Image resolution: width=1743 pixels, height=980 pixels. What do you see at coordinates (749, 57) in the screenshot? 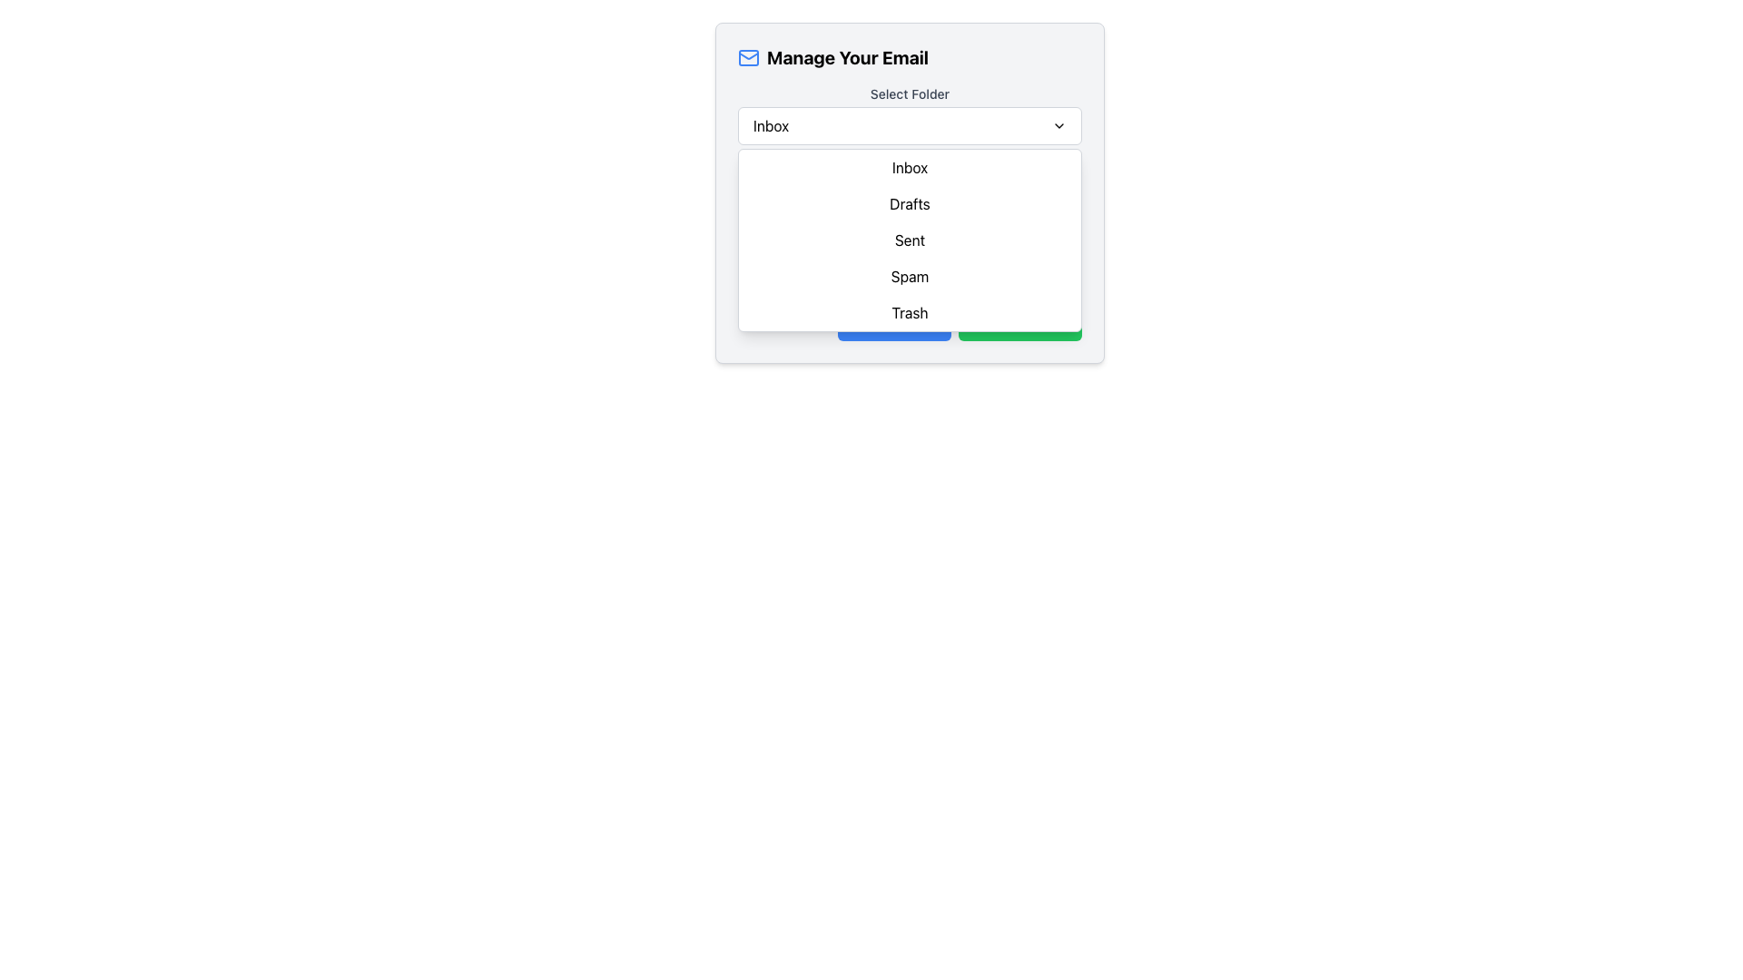
I see `the rectangular visual feature within the envelope icon located beside the text 'Manage Your Email' in the SVG visualization` at bounding box center [749, 57].